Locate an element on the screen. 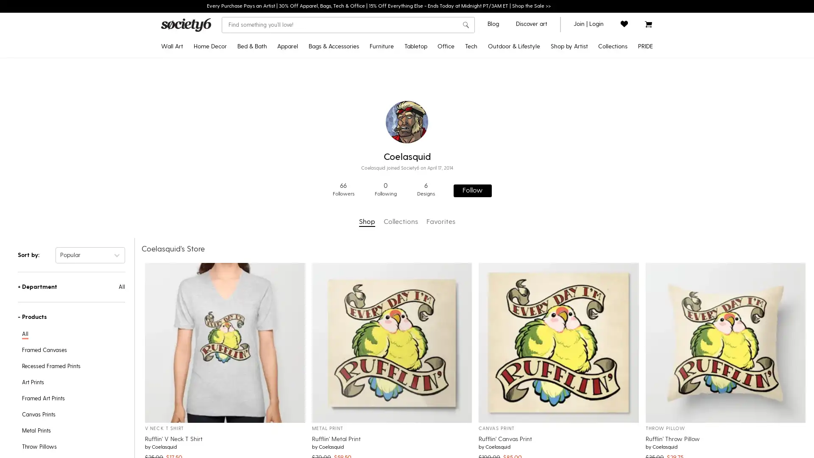  Sling Chairs is located at coordinates (525, 218).